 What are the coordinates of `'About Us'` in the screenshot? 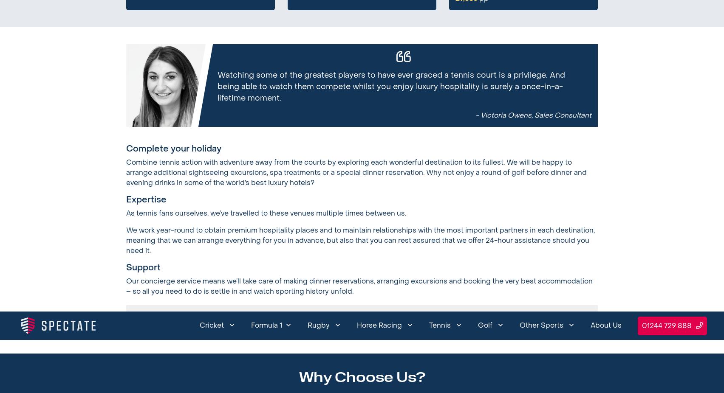 It's located at (182, 30).